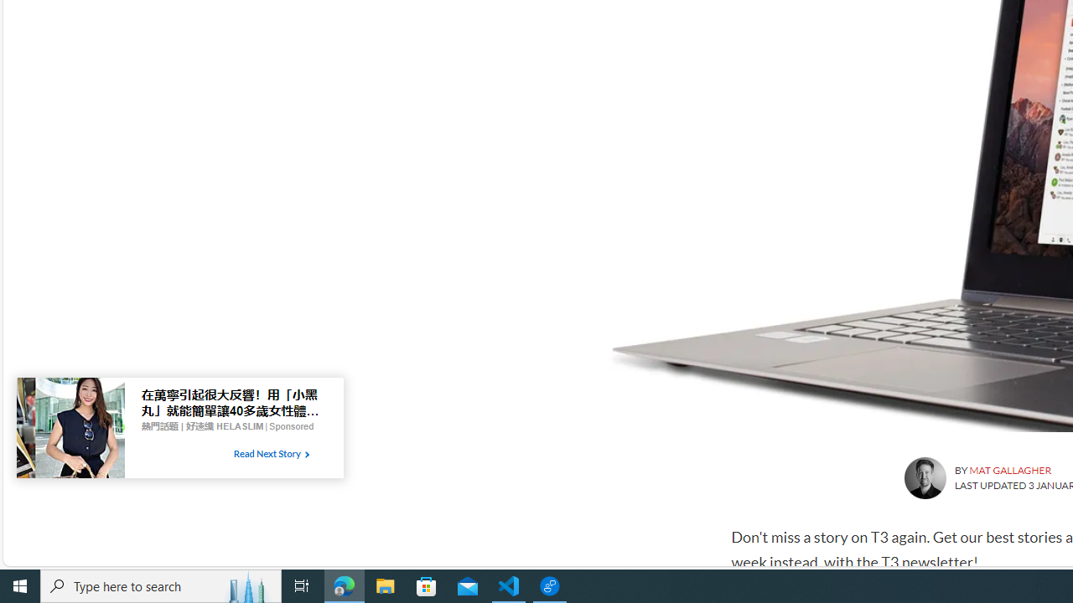 This screenshot has width=1073, height=603. I want to click on 'Class: tbl-arrow-icon arrow-2', so click(307, 455).